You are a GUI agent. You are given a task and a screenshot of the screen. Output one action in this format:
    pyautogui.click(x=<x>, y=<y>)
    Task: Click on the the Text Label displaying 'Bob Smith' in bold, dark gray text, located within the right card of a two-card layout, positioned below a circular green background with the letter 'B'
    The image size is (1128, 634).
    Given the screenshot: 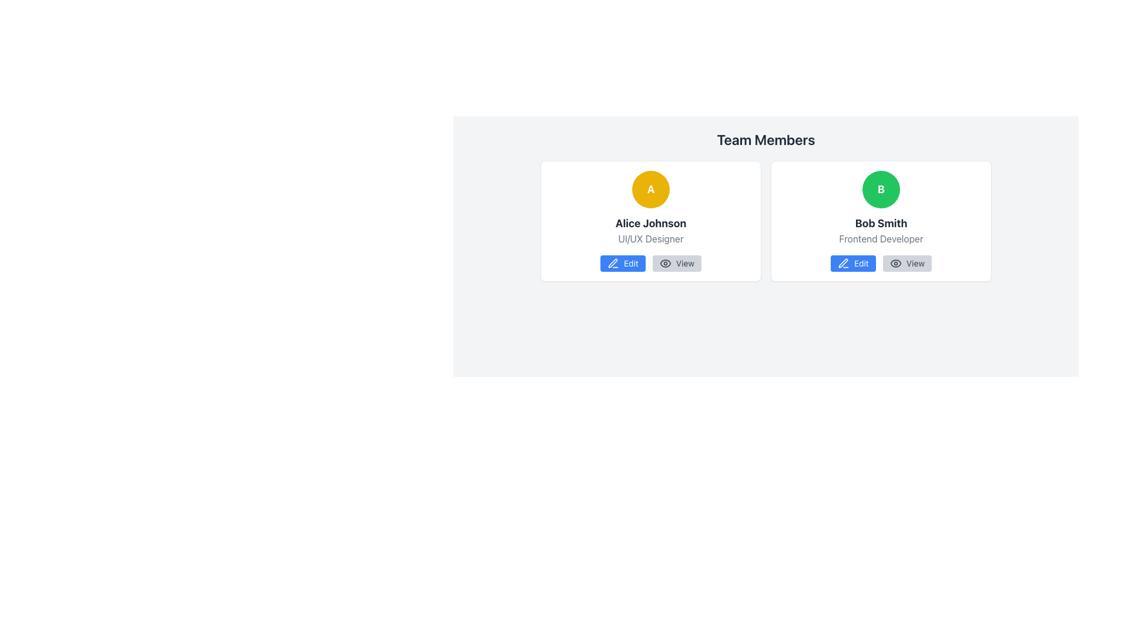 What is the action you would take?
    pyautogui.click(x=881, y=224)
    